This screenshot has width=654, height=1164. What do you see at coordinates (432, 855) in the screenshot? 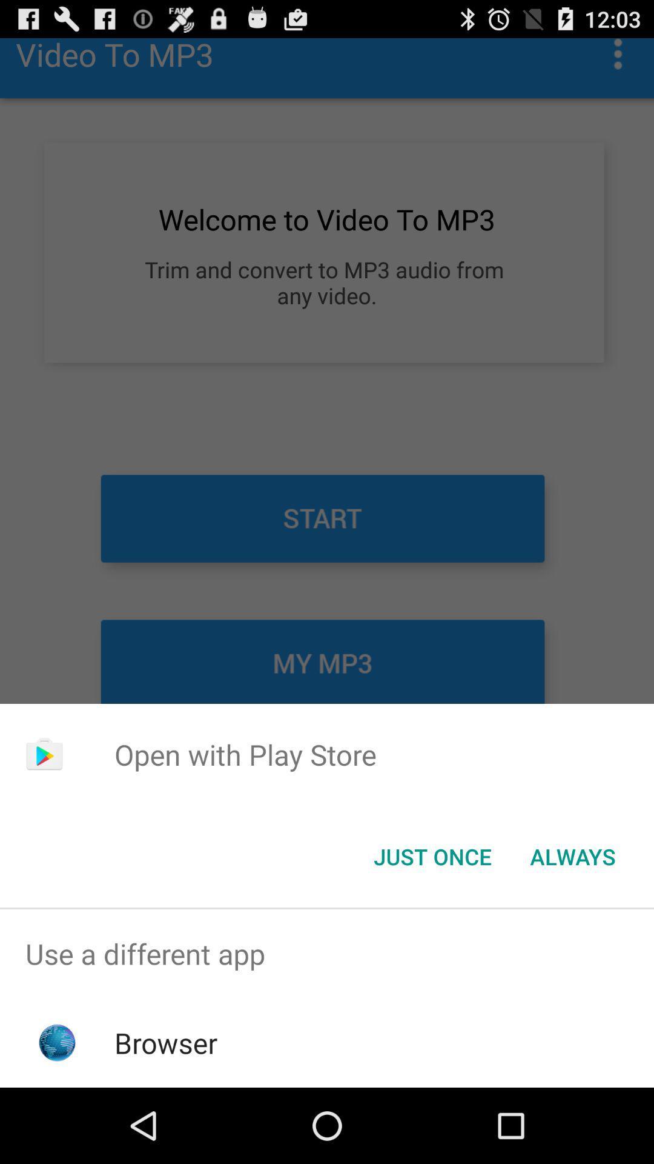
I see `the app below open with play item` at bounding box center [432, 855].